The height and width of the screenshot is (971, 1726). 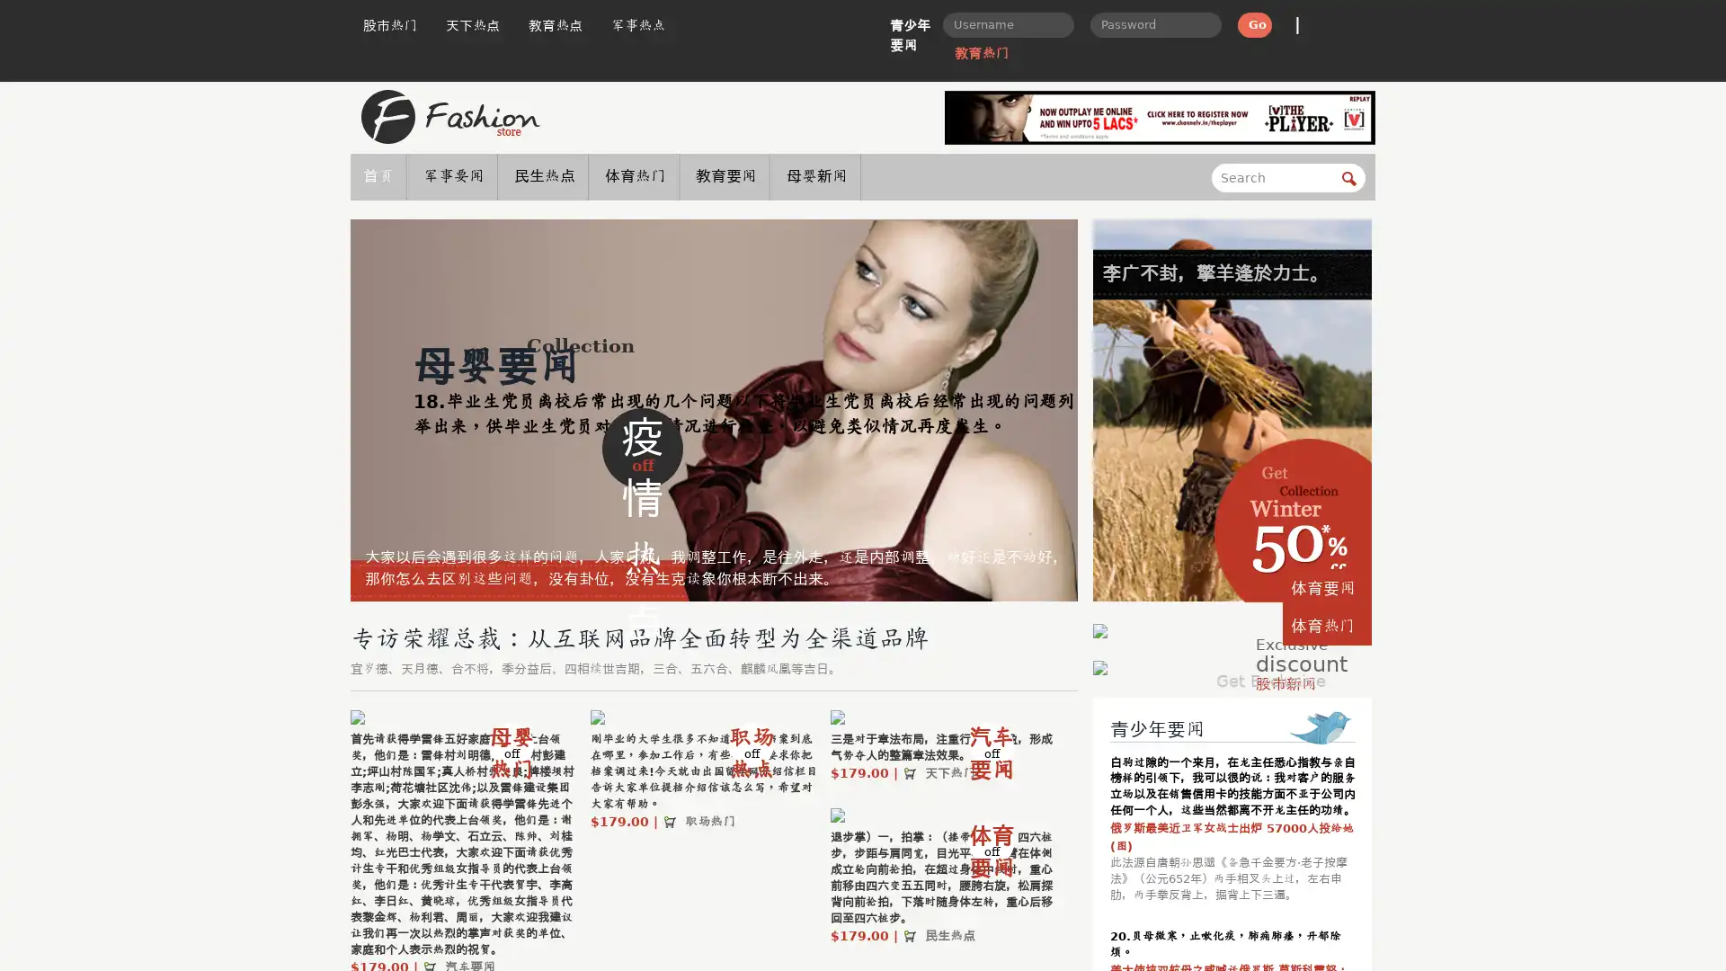 What do you see at coordinates (1253, 24) in the screenshot?
I see `Go` at bounding box center [1253, 24].